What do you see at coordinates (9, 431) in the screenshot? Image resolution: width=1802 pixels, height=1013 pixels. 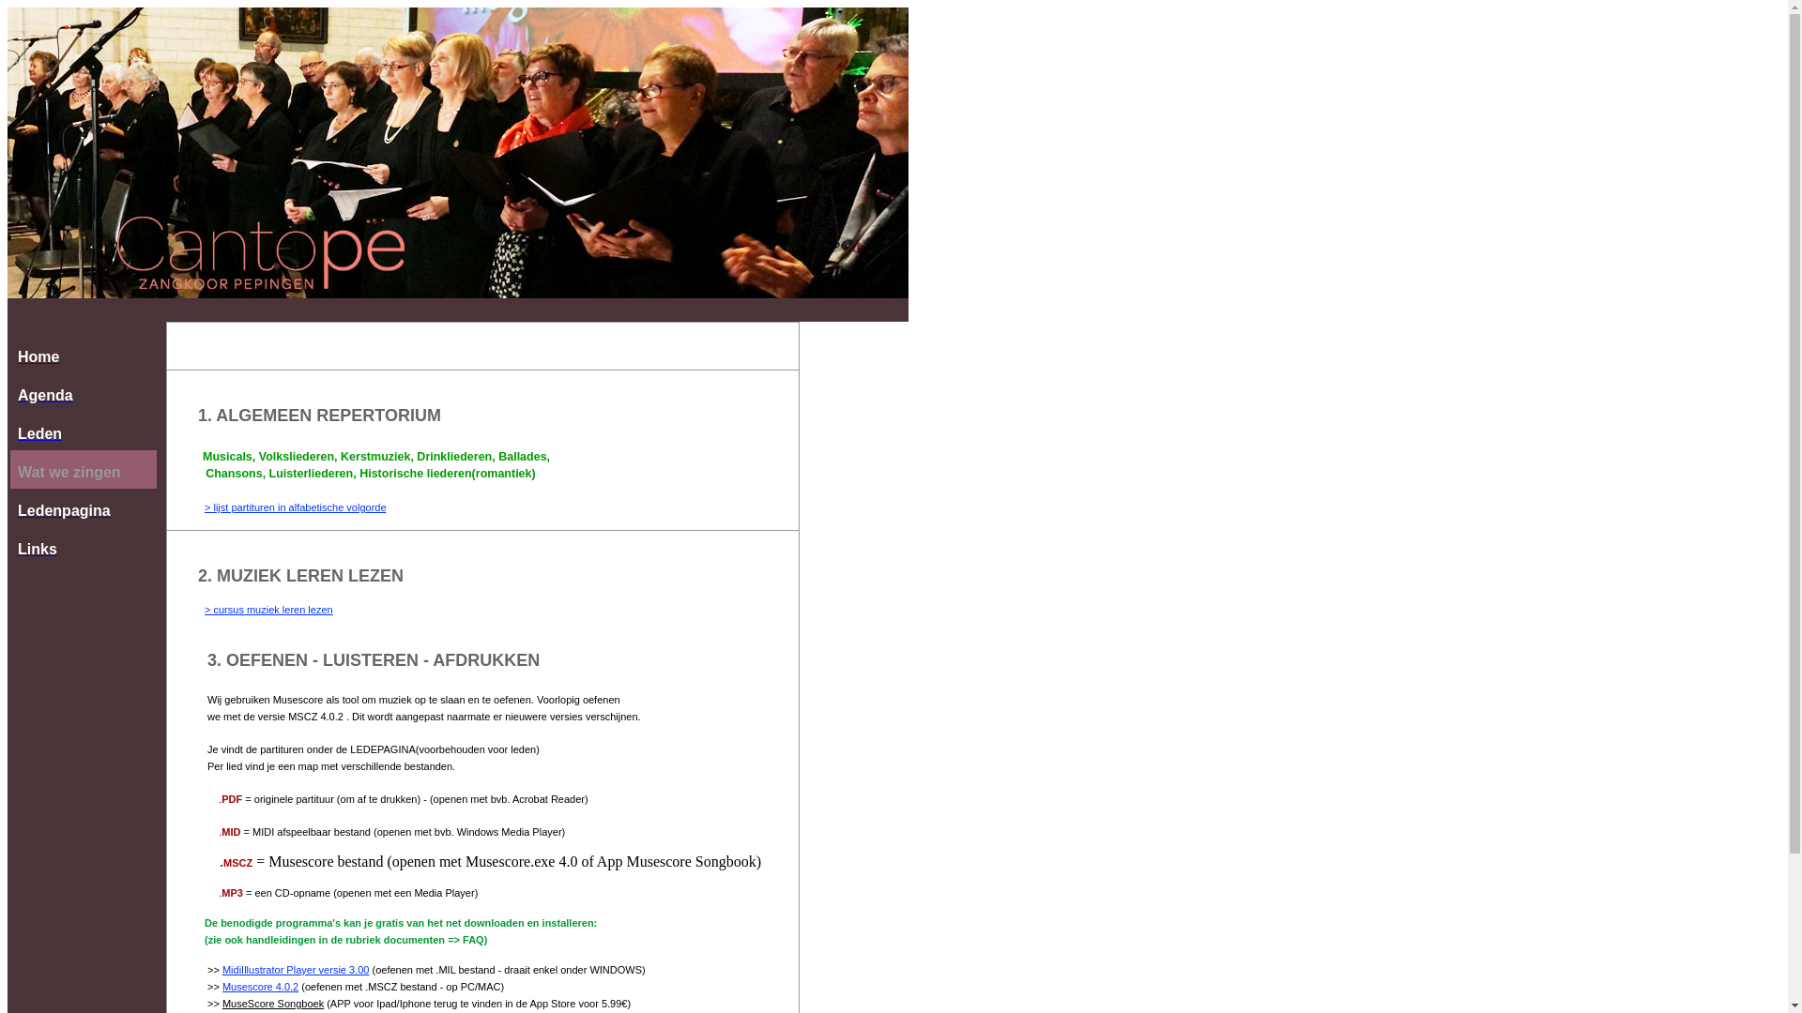 I see `'Leden'` at bounding box center [9, 431].